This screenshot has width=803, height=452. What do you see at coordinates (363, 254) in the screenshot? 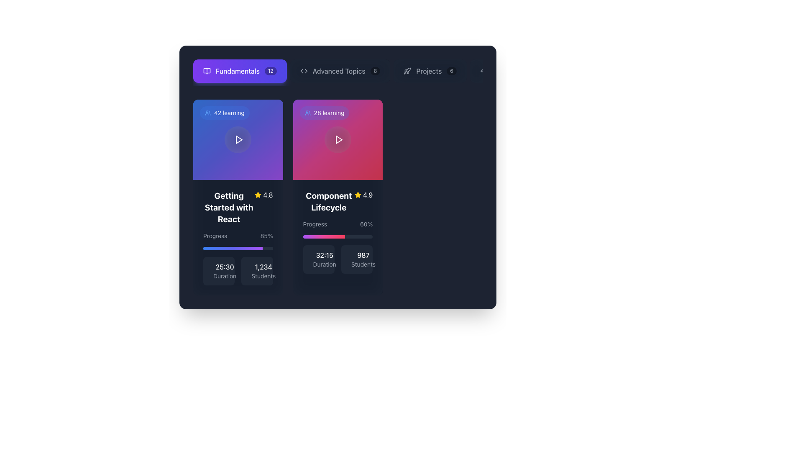
I see `numeric value '987' from the Label element that is located within the second card, positioned before the text 'Students'` at bounding box center [363, 254].